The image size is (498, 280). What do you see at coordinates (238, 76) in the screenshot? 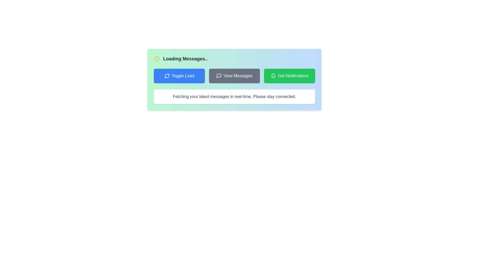
I see `the non-interactive text label that indicates the purpose of the 'View Messages' button, located in the middle-right portion of the button` at bounding box center [238, 76].